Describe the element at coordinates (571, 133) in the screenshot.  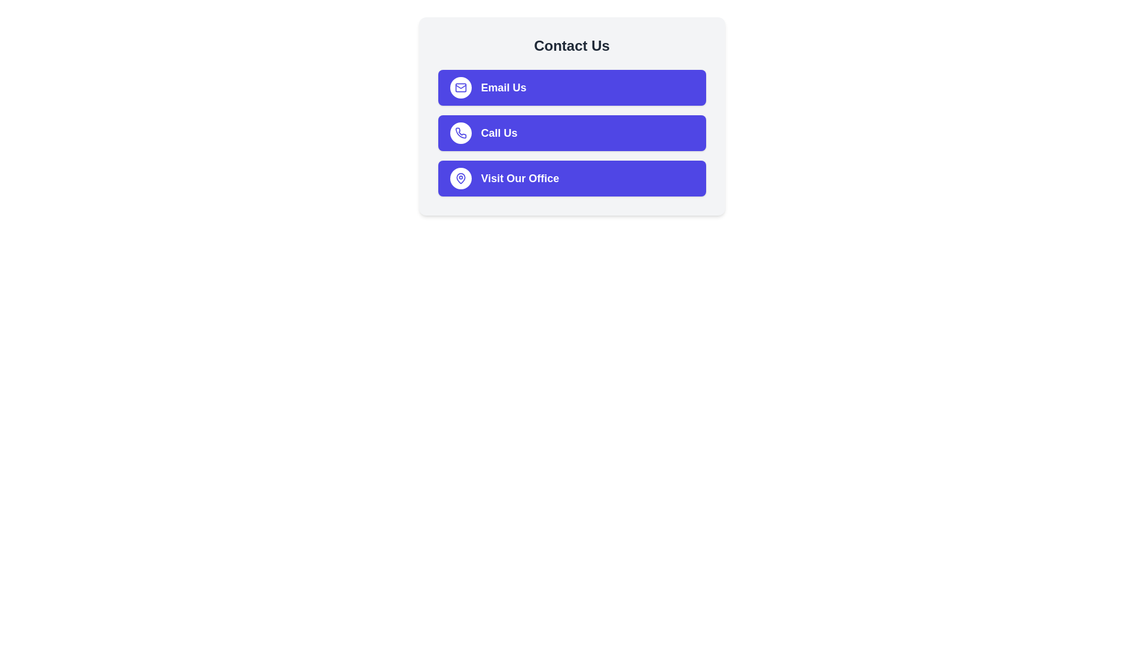
I see `the blue and white styled button located in the center of the contact section, which is the second of three action buttons, to initiate a call` at that location.